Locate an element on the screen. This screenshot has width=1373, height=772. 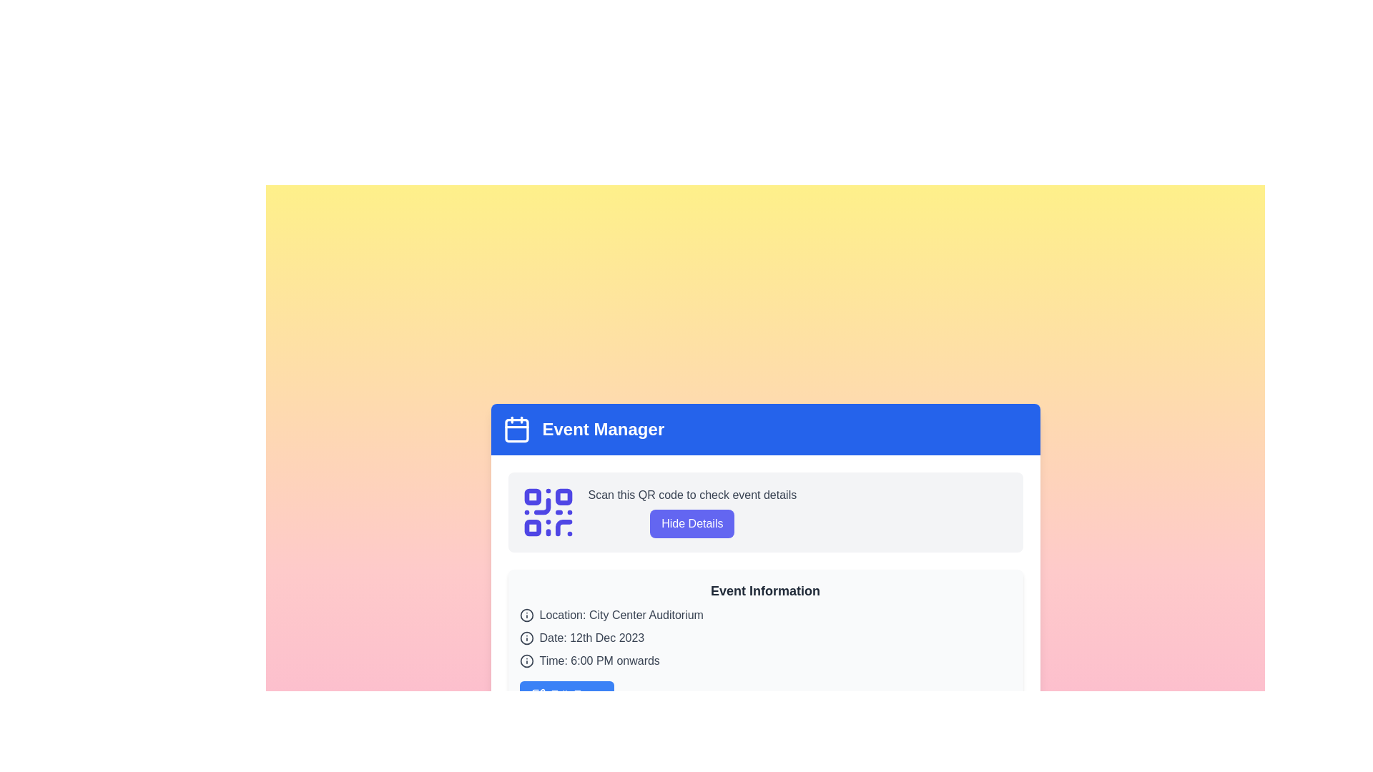
the text label that says 'Scan this QR code to check event details', which is a medium-weight gray font on a white background, positioned above the 'Hide Details' button and to the right of the QR code graphic is located at coordinates (692, 495).